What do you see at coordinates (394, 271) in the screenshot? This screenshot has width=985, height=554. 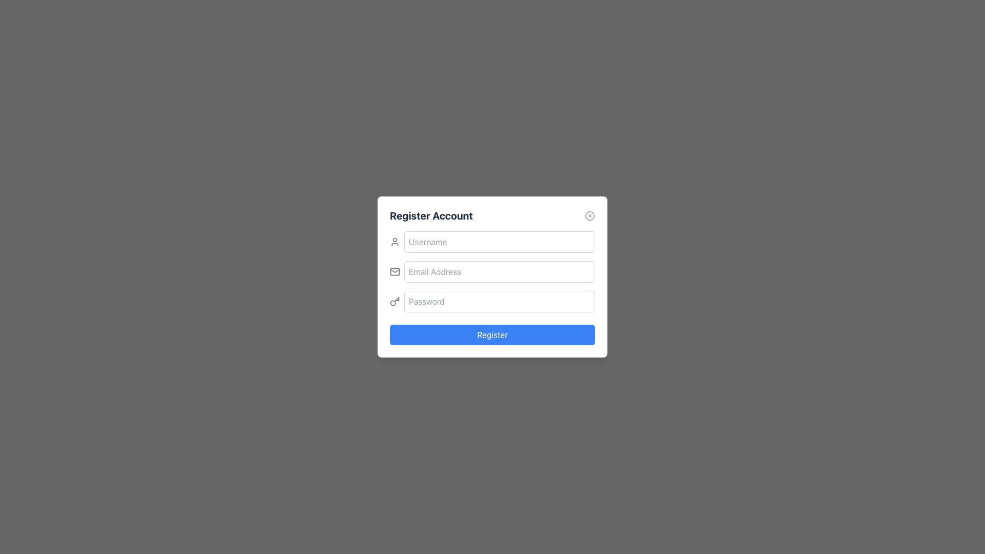 I see `the envelope icon representing email input in the 'Register Account' dialog box, which is positioned to the left of the 'Email Address' input field` at bounding box center [394, 271].